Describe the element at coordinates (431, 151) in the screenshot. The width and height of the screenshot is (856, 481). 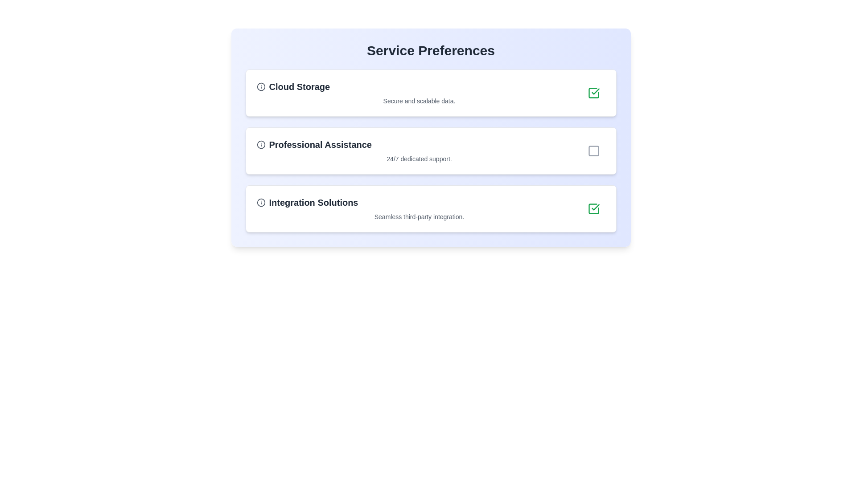
I see `the 'Professional Assistance' selection option` at that location.